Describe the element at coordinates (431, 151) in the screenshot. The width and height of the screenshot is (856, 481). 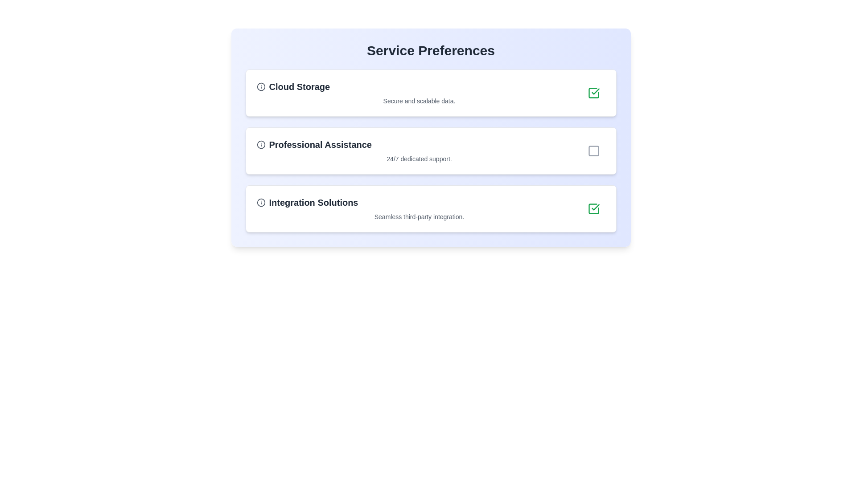
I see `the 'Professional Assistance' selection option` at that location.